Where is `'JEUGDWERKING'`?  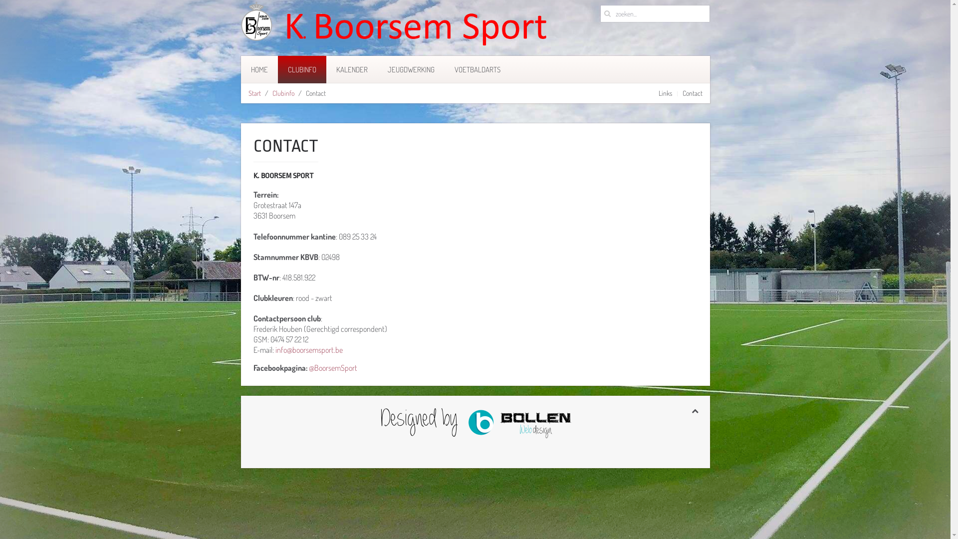 'JEUGDWERKING' is located at coordinates (410, 69).